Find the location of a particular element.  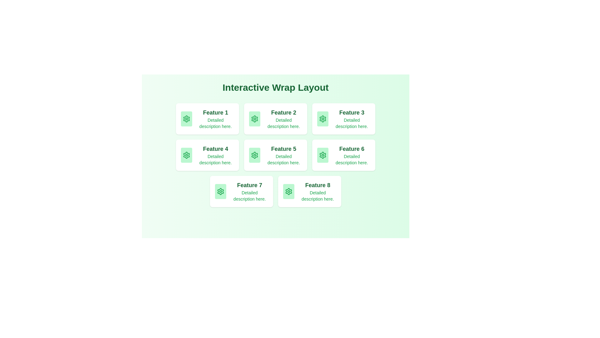

the gear-shaped icon with a green outline located in the seventh feature box of the grid layout, symbolizing settings or configurations is located at coordinates (220, 191).